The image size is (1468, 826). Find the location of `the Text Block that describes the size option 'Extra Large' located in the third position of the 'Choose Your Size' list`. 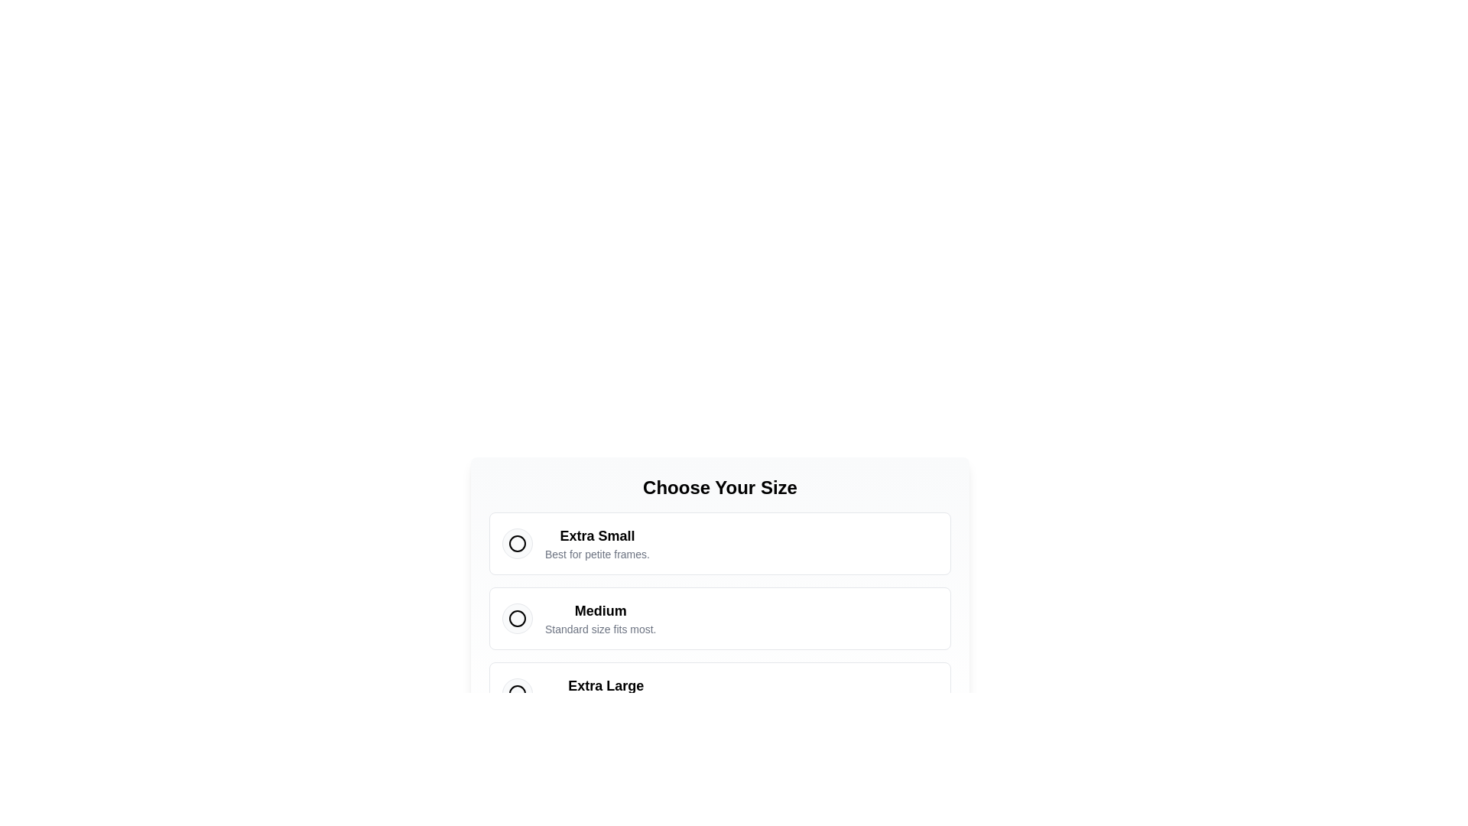

the Text Block that describes the size option 'Extra Large' located in the third position of the 'Choose Your Size' list is located at coordinates (605, 693).